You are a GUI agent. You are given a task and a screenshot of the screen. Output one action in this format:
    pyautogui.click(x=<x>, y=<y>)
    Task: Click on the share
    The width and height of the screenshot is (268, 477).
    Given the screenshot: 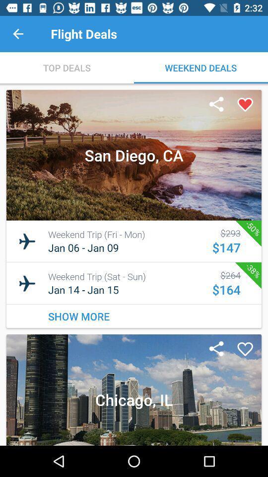 What is the action you would take?
    pyautogui.click(x=216, y=105)
    